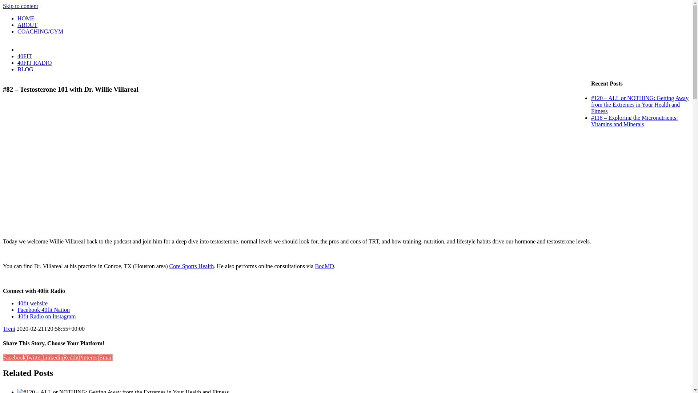 The height and width of the screenshot is (393, 698). I want to click on 'Twitter', so click(33, 357).